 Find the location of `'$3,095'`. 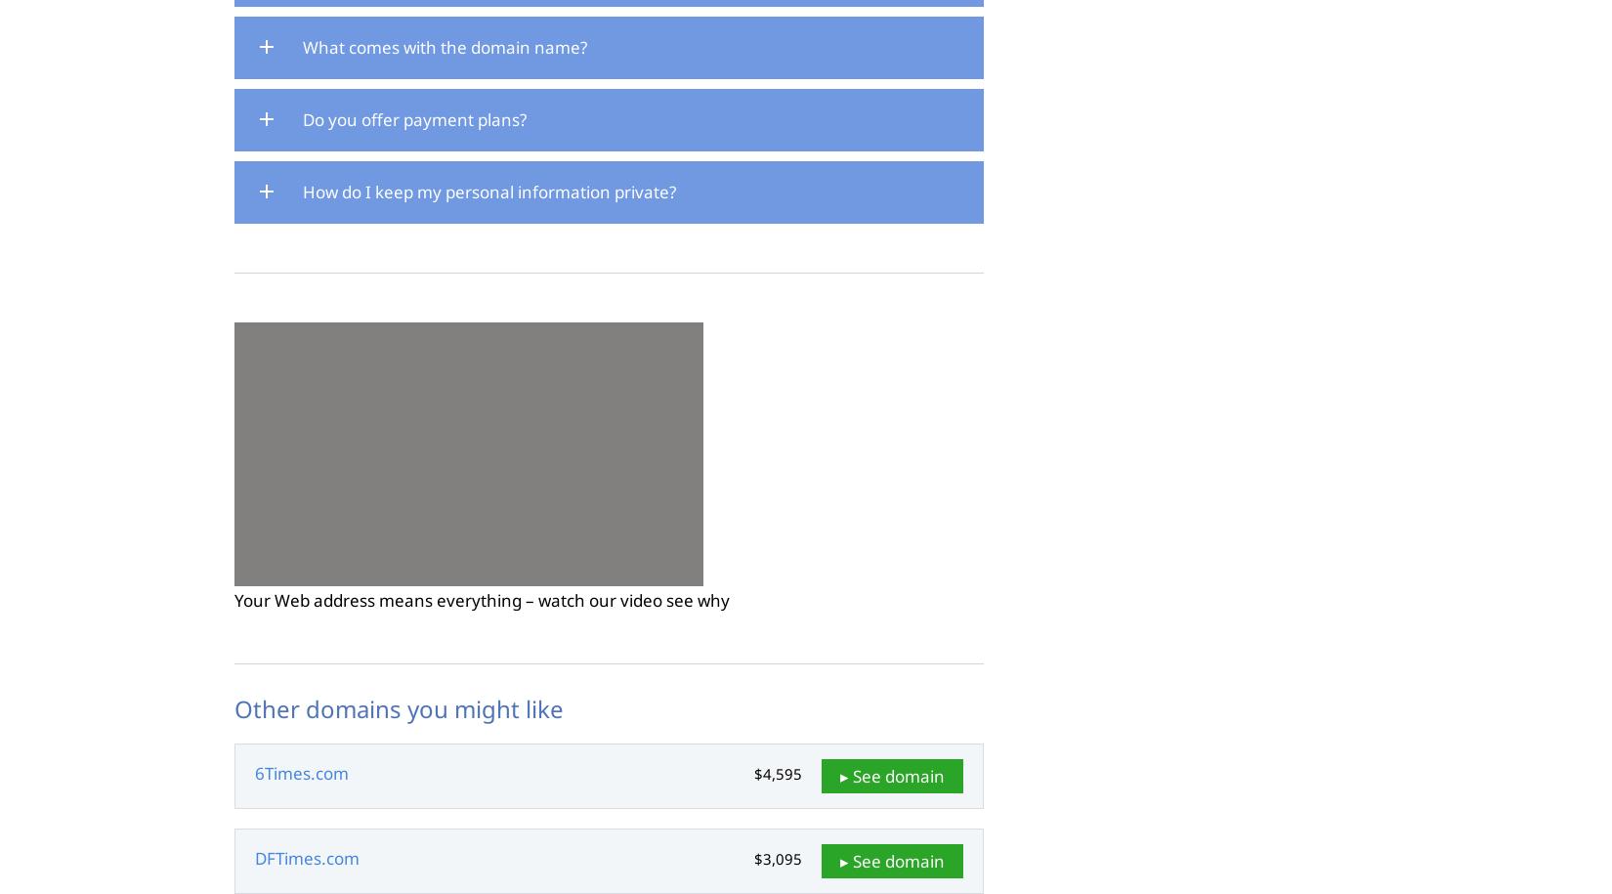

'$3,095' is located at coordinates (777, 858).